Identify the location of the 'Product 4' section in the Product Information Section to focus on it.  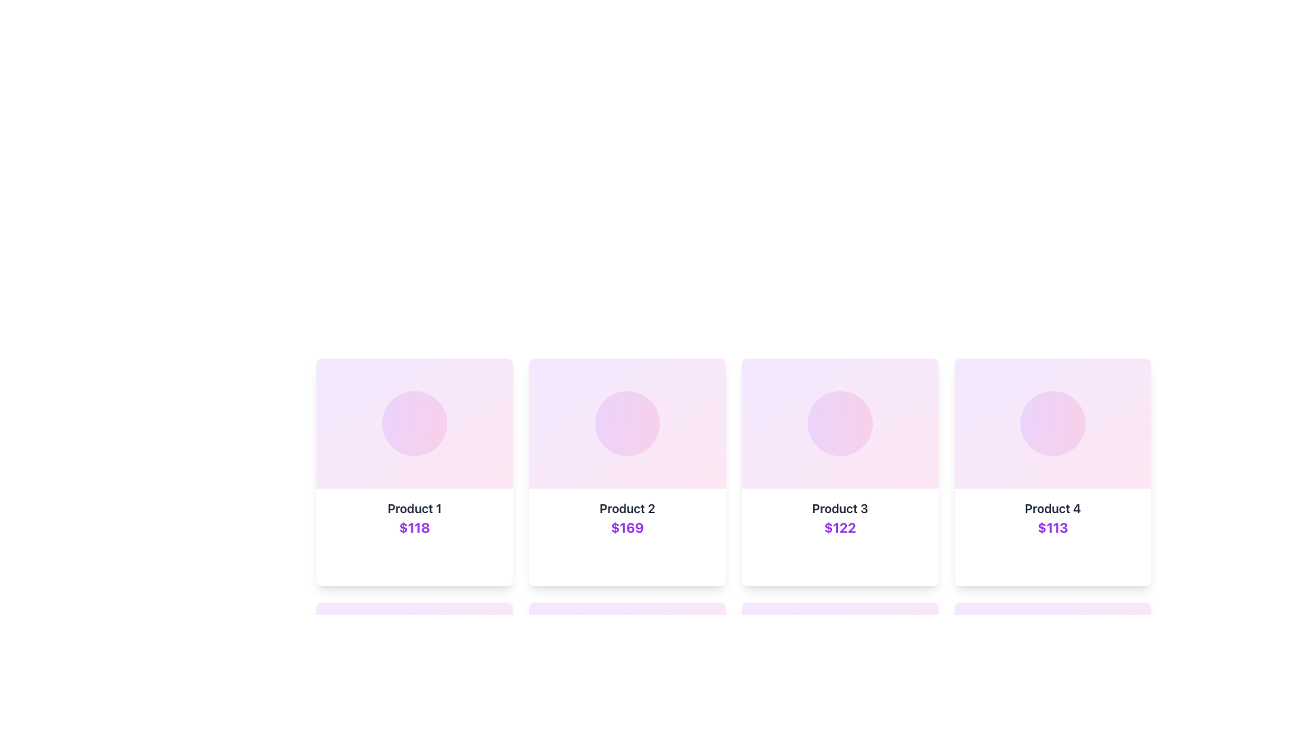
(1052, 537).